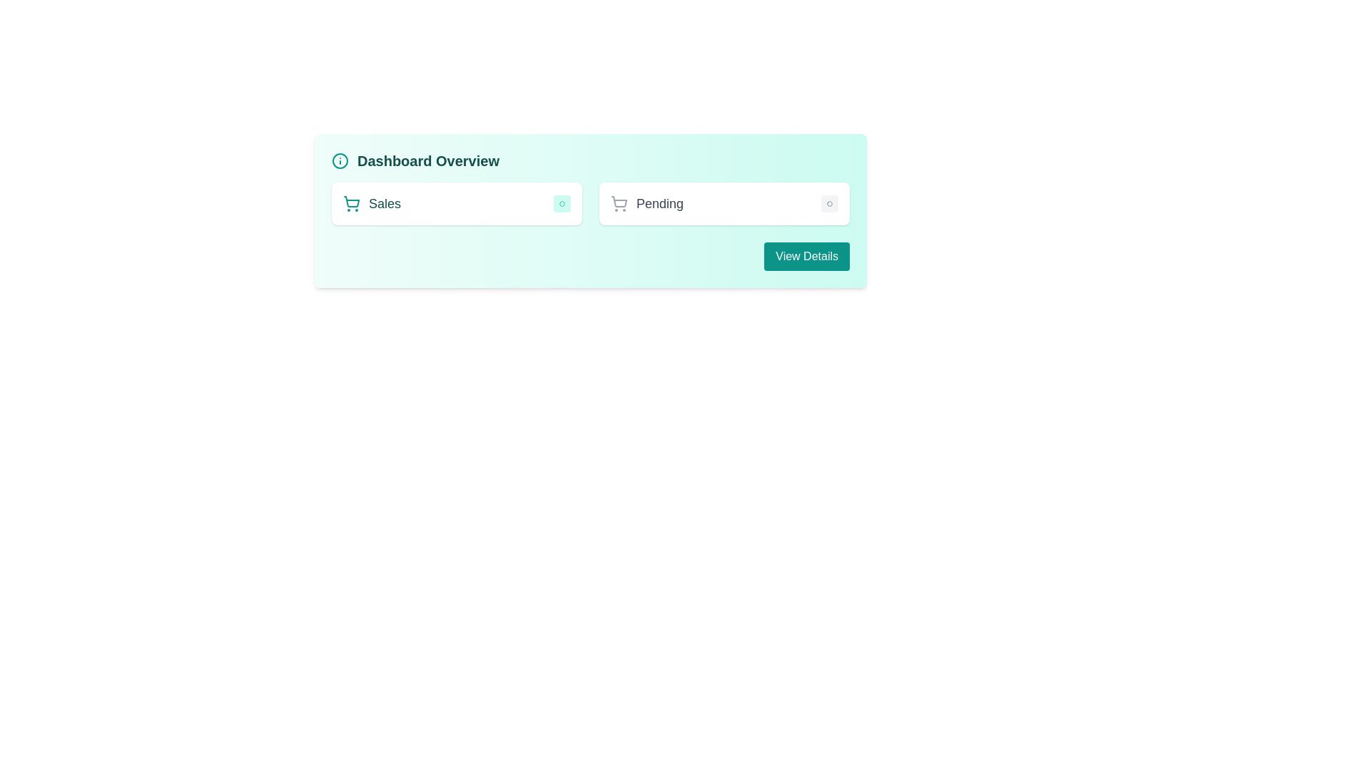 Image resolution: width=1370 pixels, height=770 pixels. What do you see at coordinates (659, 203) in the screenshot?
I see `the 'Pending' status label, which is a medium-sized, gray text label indicating status, located to the right of a shopping cart icon in the dashboard overview card` at bounding box center [659, 203].